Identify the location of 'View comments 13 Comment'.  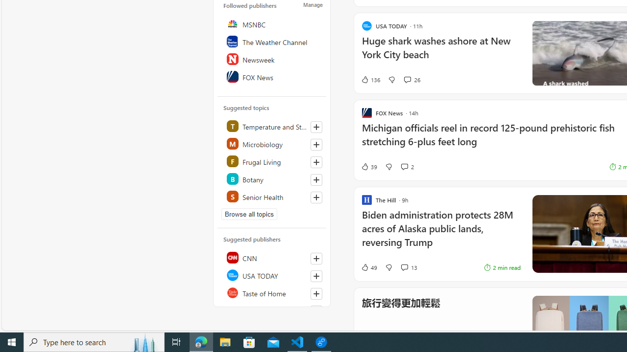
(404, 267).